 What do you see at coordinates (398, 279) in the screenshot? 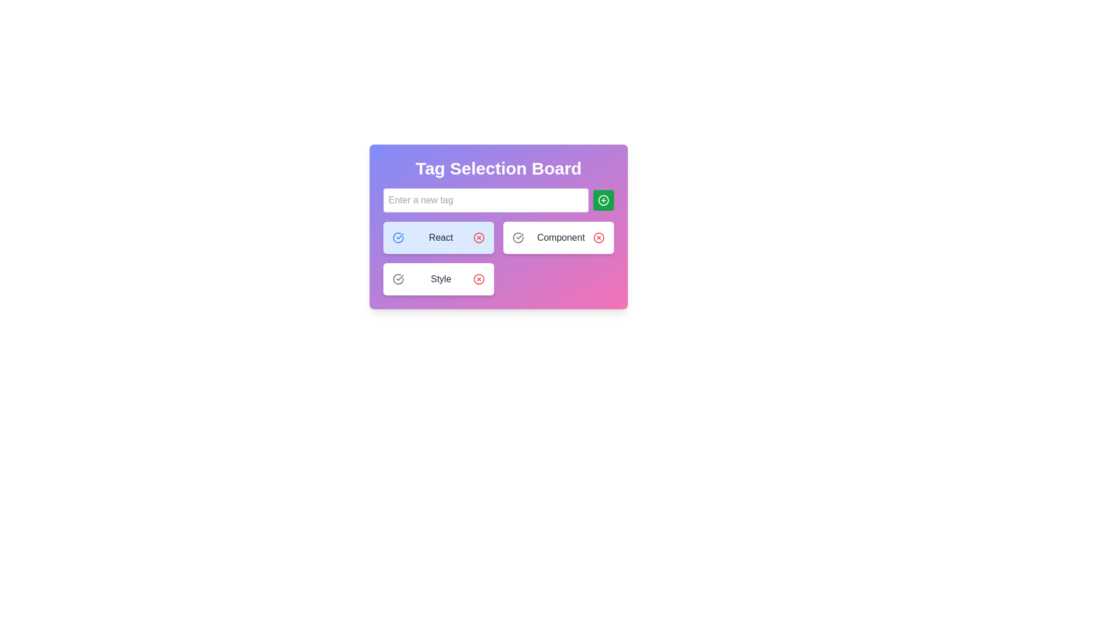
I see `the first icon segment within the Tag Selection Board, located to the left of the 'Style' text` at bounding box center [398, 279].